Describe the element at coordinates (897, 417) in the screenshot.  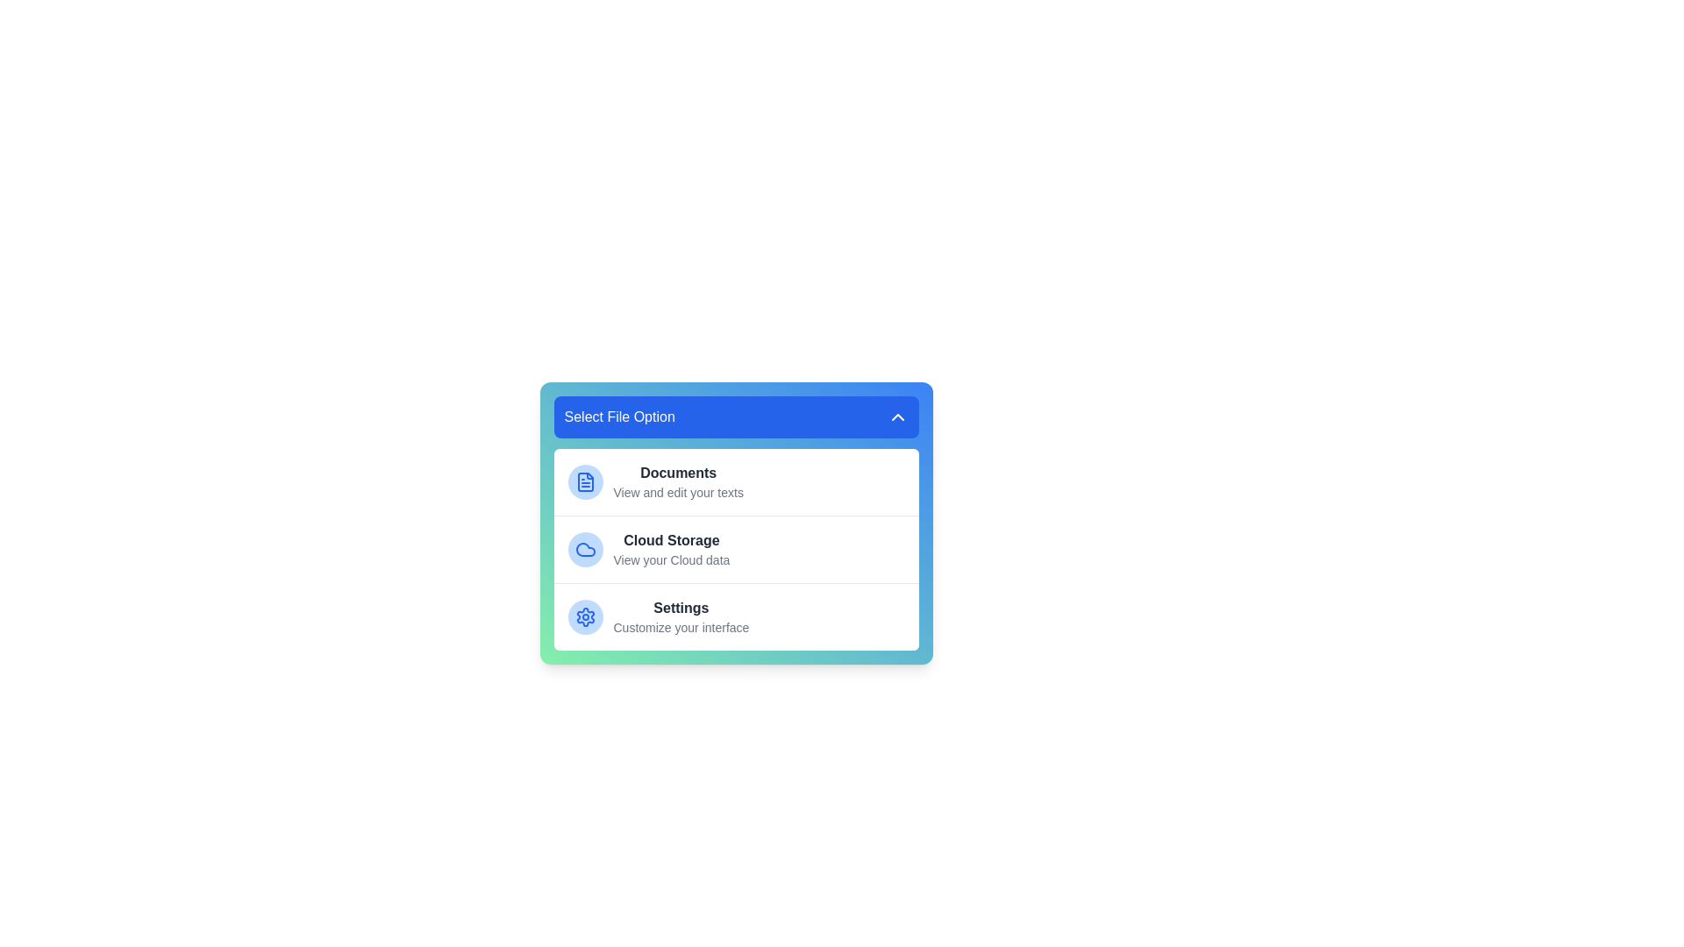
I see `the arrow icon button located at the rightmost portion of the blue header bar labeled 'Select File Option'` at that location.